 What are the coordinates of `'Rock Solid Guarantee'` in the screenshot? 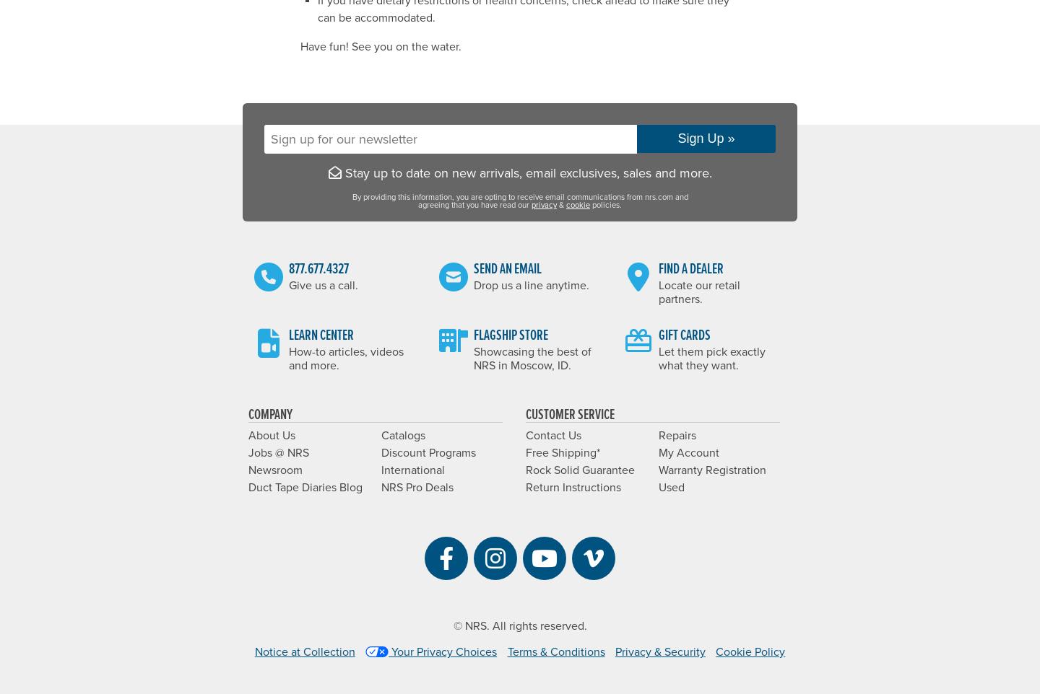 It's located at (580, 470).